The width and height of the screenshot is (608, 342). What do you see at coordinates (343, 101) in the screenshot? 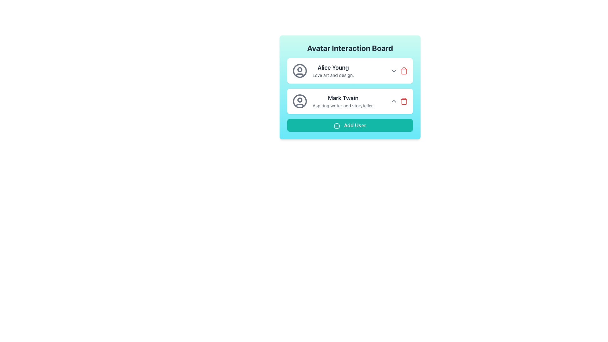
I see `the text display component that shows 'Mark Twain' and 'Aspiring writer and storyteller' within a white rectangular card` at bounding box center [343, 101].